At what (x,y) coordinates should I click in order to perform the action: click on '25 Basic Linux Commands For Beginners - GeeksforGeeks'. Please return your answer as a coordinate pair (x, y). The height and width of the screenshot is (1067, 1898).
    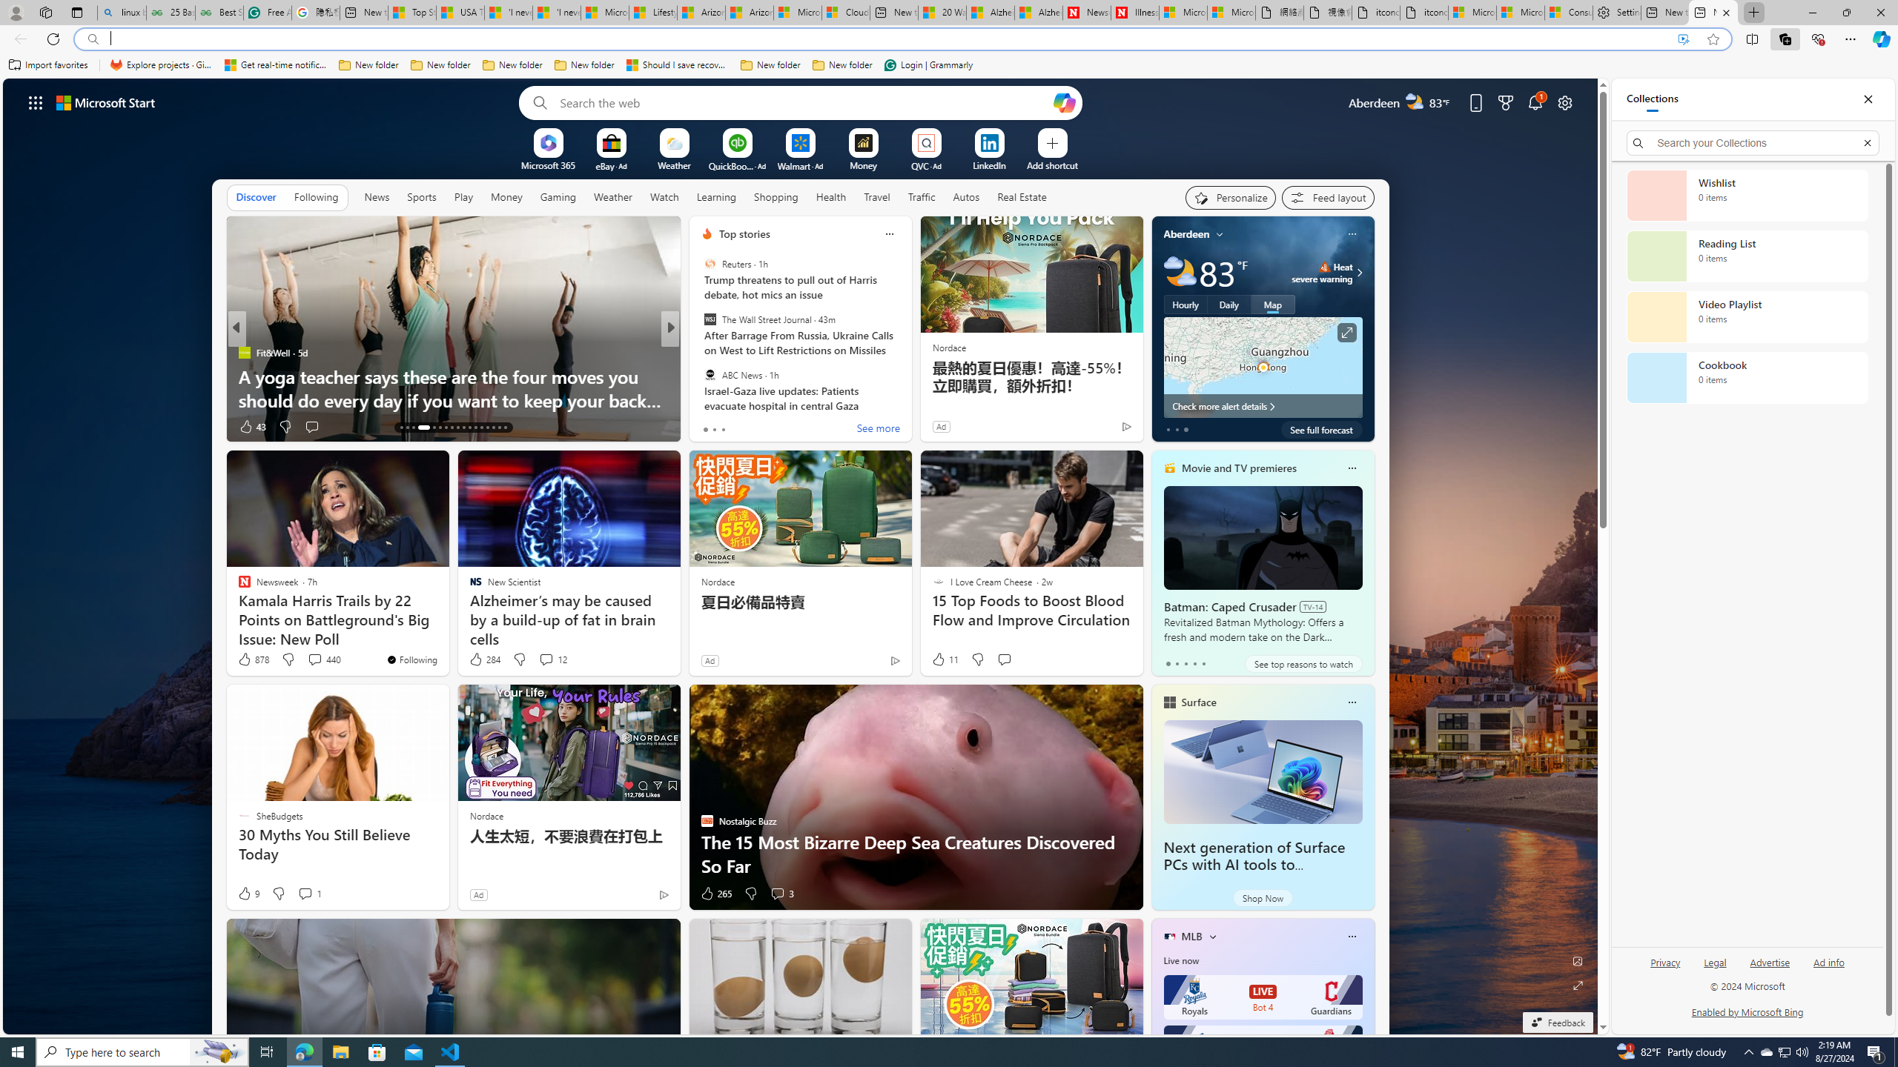
    Looking at the image, I should click on (170, 12).